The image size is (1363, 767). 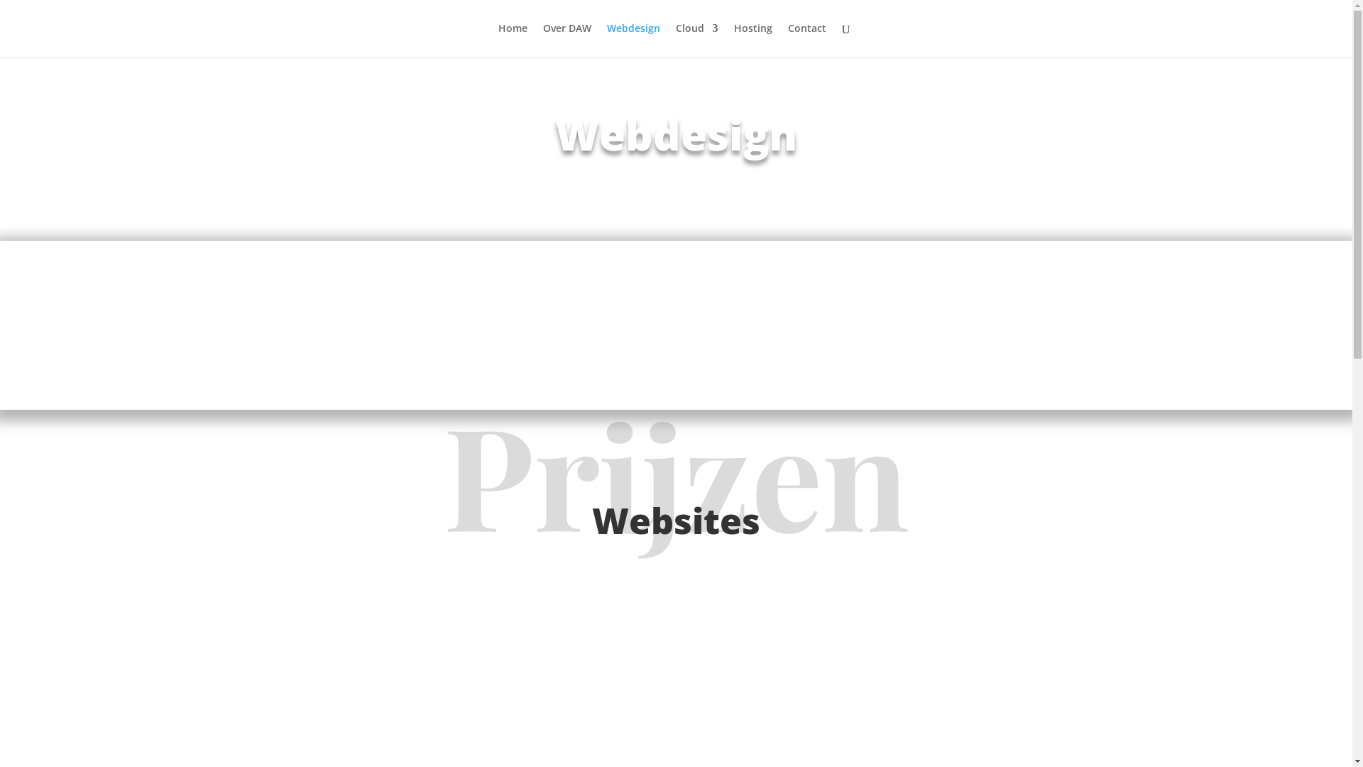 I want to click on 'Home', so click(x=512, y=39).